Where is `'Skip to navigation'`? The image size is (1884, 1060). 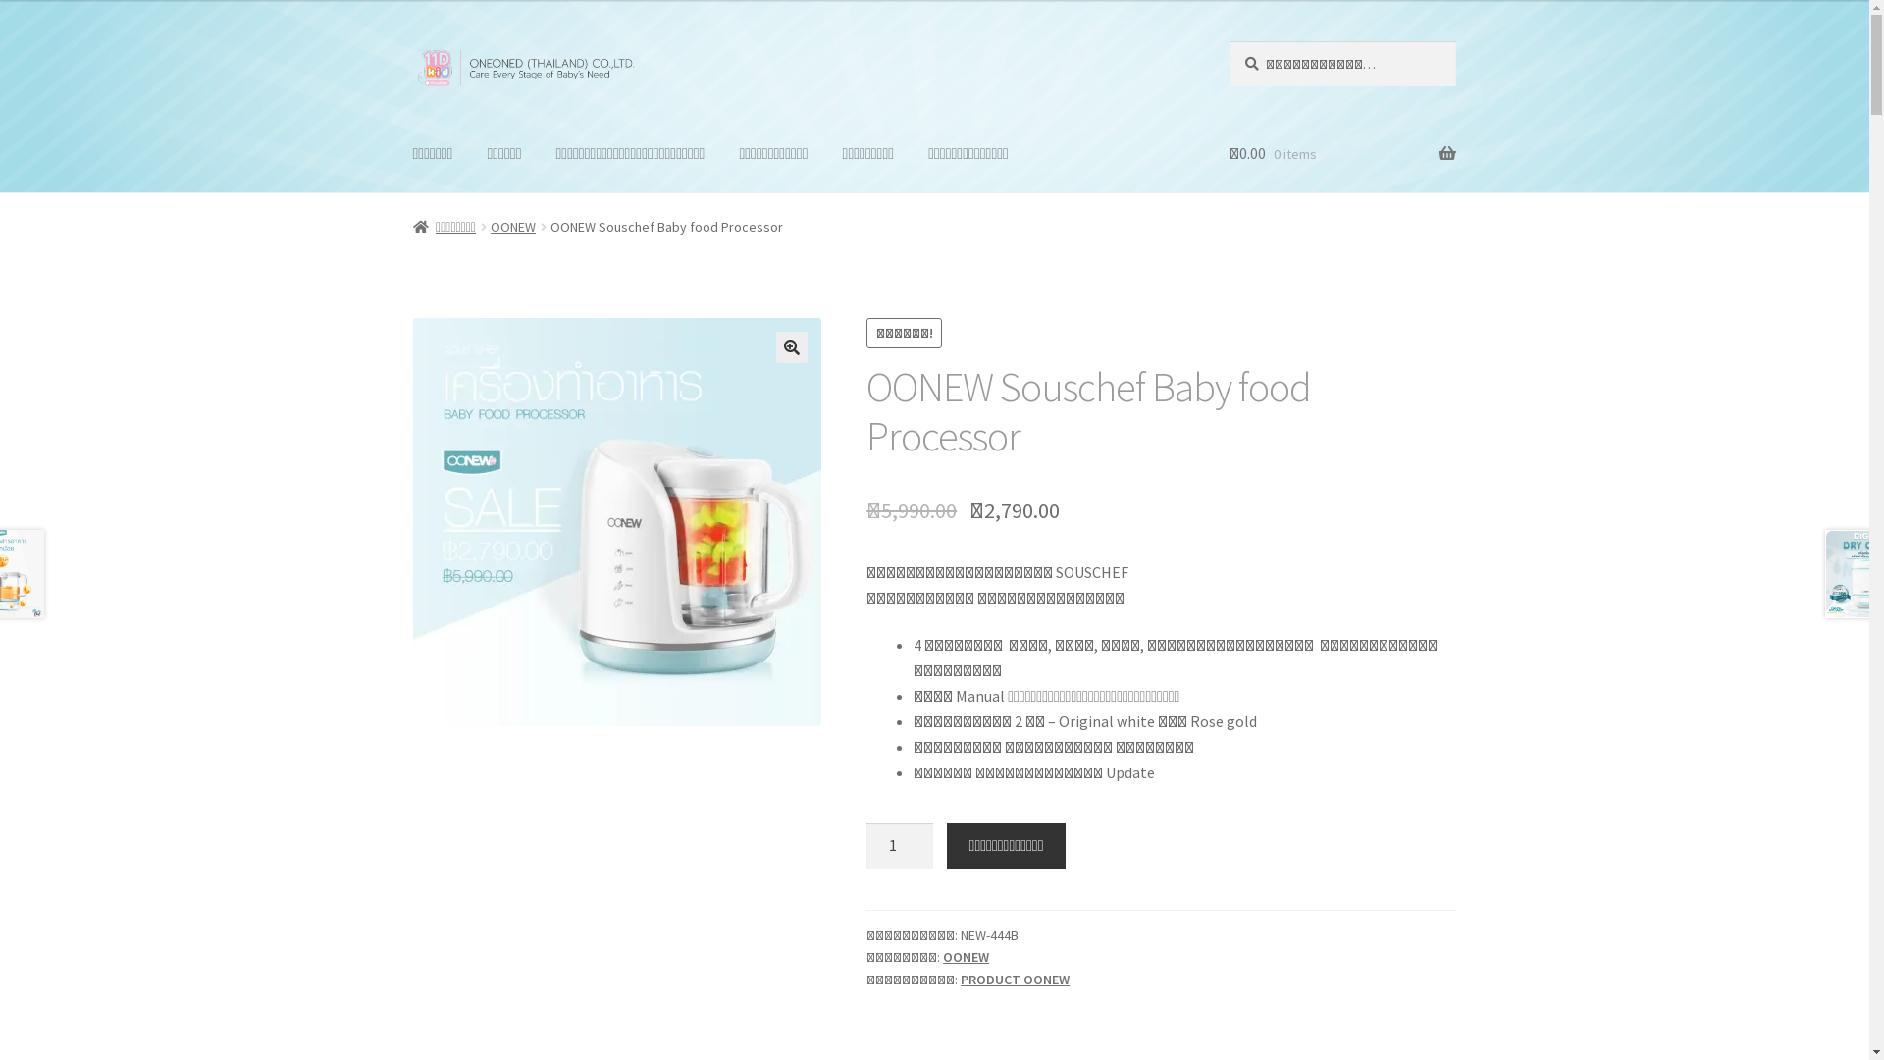
'Skip to navigation' is located at coordinates (411, 40).